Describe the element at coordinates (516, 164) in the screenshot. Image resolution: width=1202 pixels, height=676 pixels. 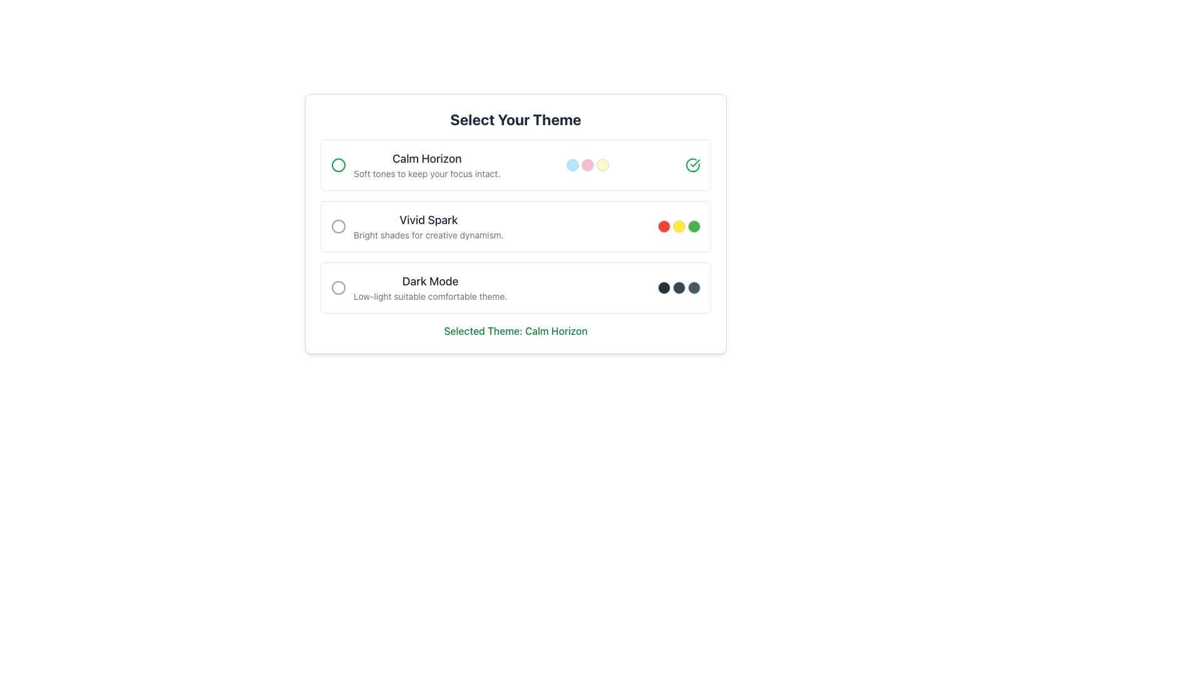
I see `the 'Calm Horizon' card, which is the first entry in a vertical list of options` at that location.